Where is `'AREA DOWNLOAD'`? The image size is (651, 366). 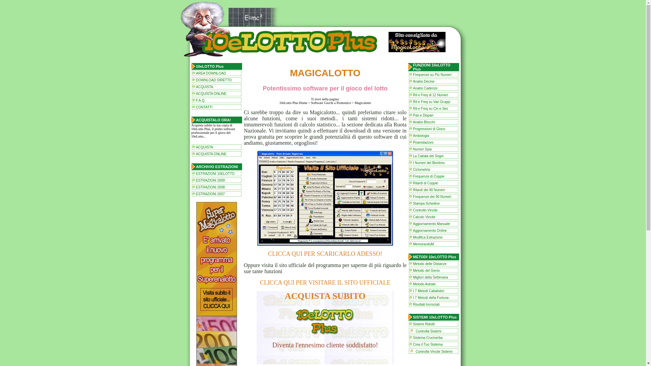 'AREA DOWNLOAD' is located at coordinates (211, 73).